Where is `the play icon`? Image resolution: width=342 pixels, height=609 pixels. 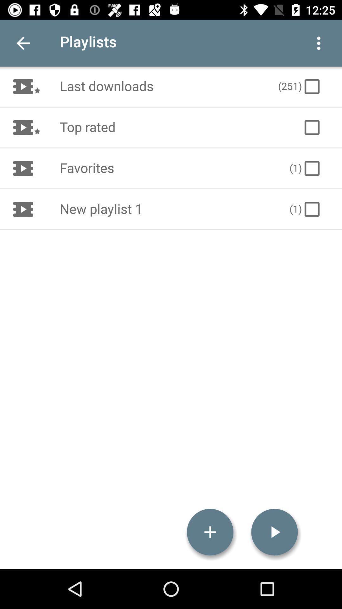
the play icon is located at coordinates (274, 532).